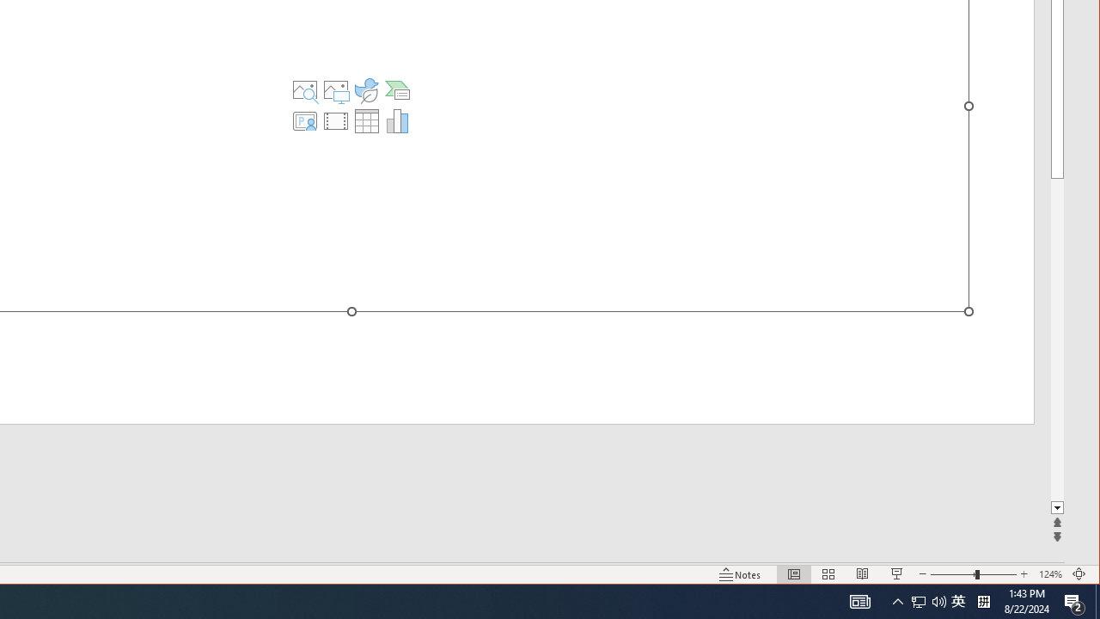 The image size is (1100, 619). Describe the element at coordinates (336, 120) in the screenshot. I see `'Insert Video'` at that location.